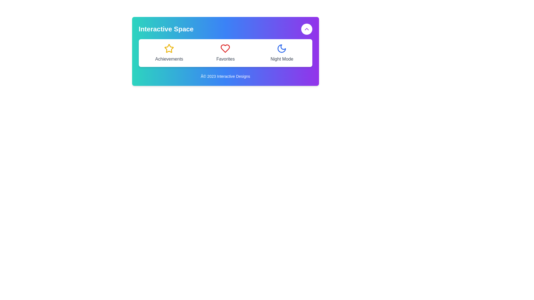  Describe the element at coordinates (282, 53) in the screenshot. I see `the blue crescent moon icon of the 'Night Mode' button for additional information` at that location.